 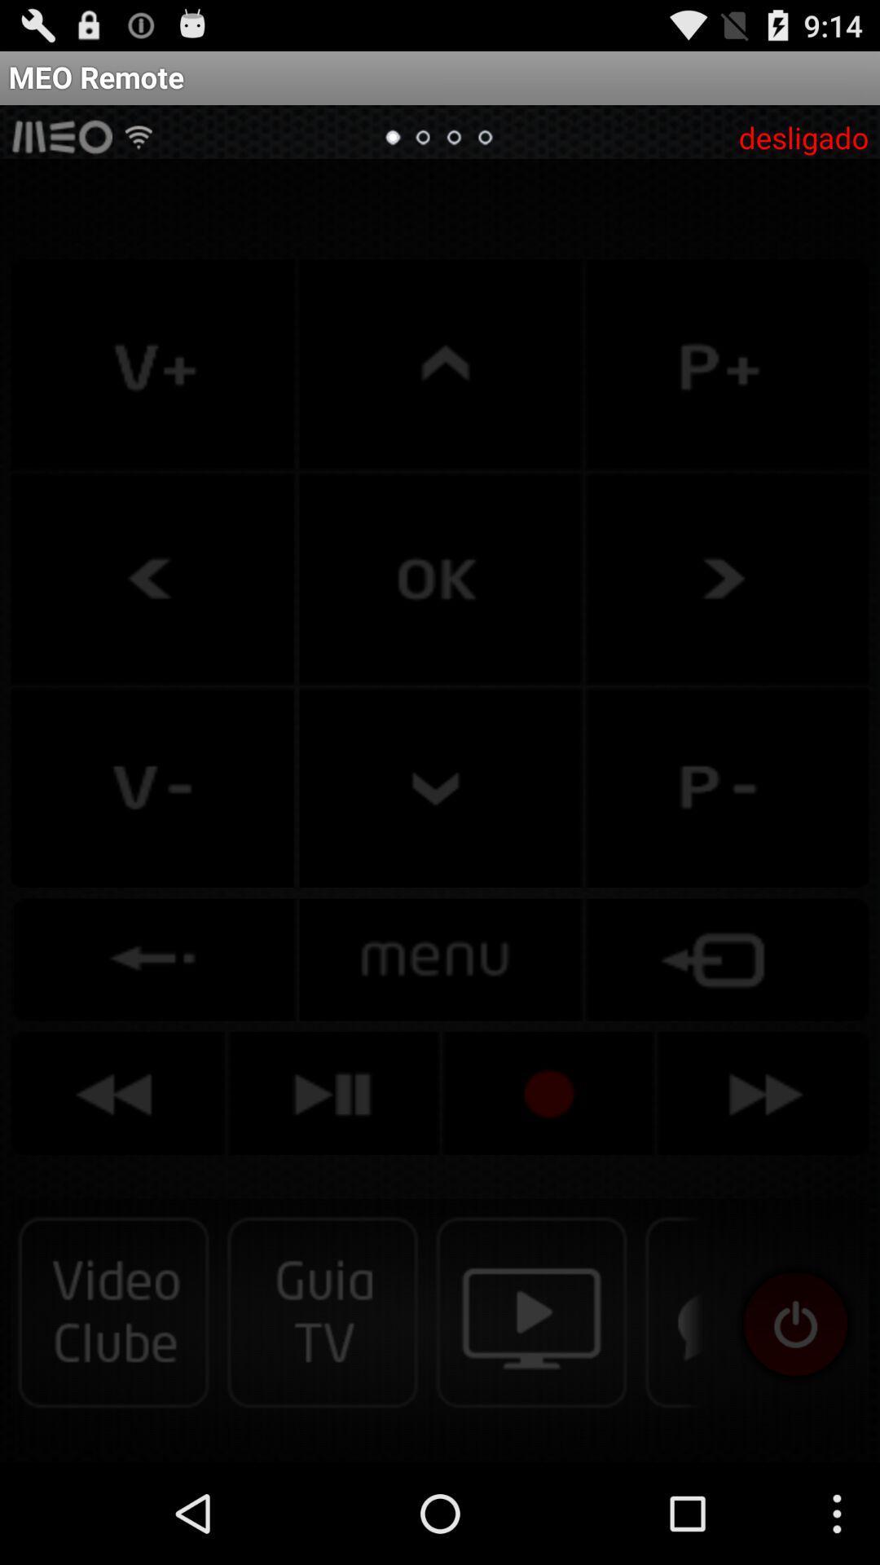 I want to click on the skip_next icon, so click(x=332, y=1169).